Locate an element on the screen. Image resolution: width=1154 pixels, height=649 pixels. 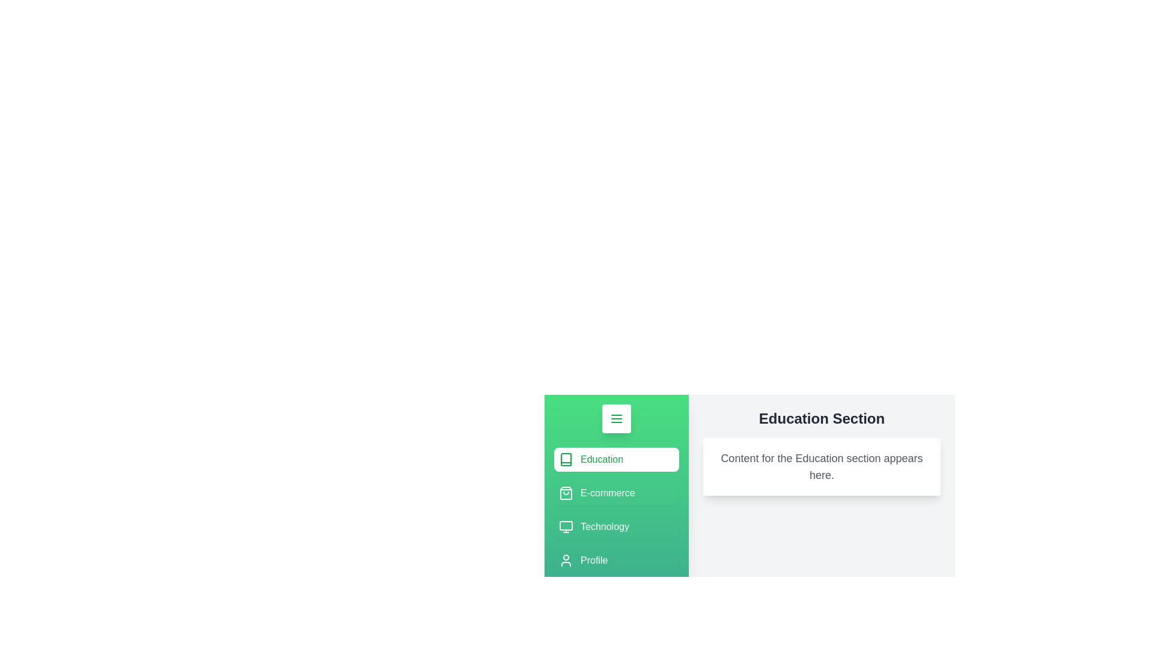
the section E-commerce in the drawer is located at coordinates (617, 493).